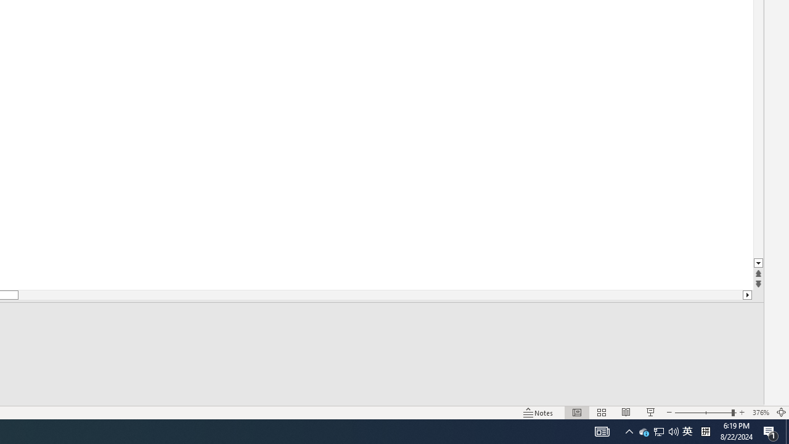 This screenshot has height=444, width=789. Describe the element at coordinates (760, 413) in the screenshot. I see `'Zoom 376%'` at that location.